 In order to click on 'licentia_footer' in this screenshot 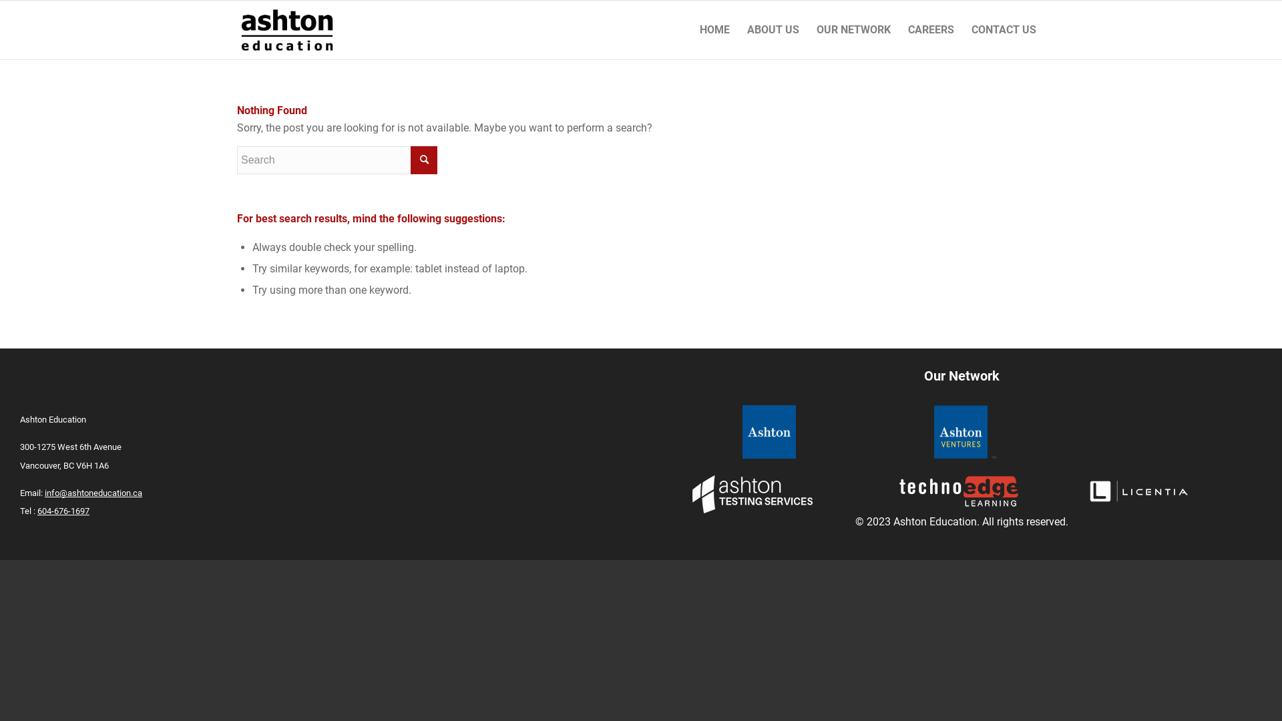, I will do `click(1137, 491)`.